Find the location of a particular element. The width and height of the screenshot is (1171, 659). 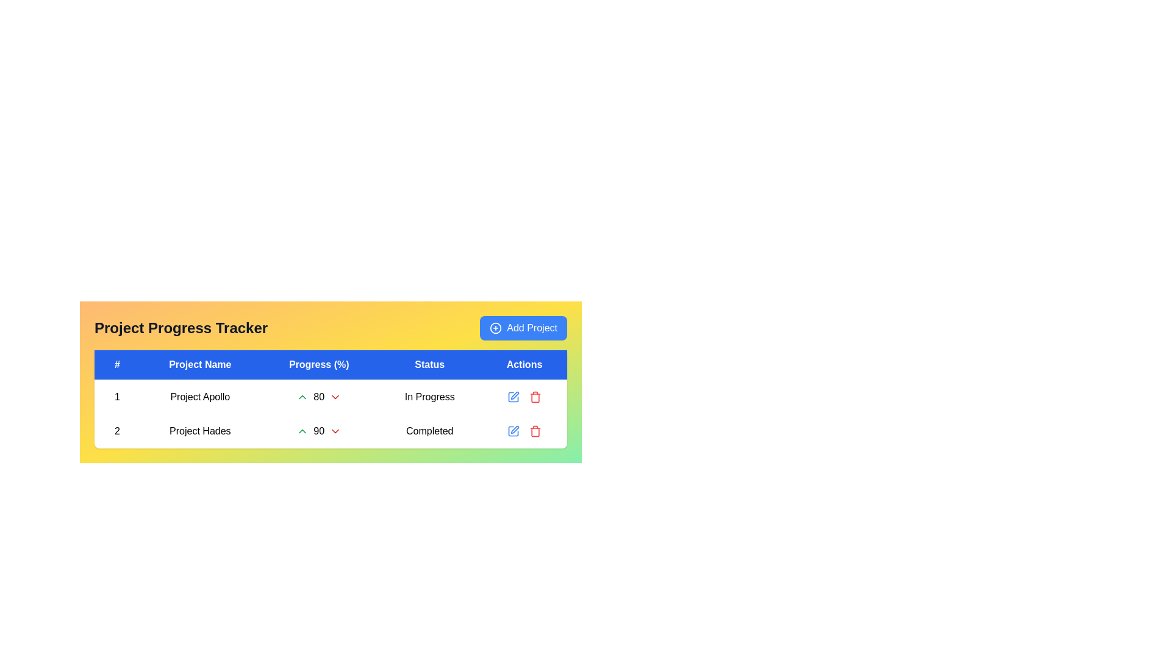

the upward-pointing icon located in the 'Progress (%)' column of the 'Project Progress Tracker' table for 'Project Hades' to increase the progress percentage is located at coordinates (319, 430).